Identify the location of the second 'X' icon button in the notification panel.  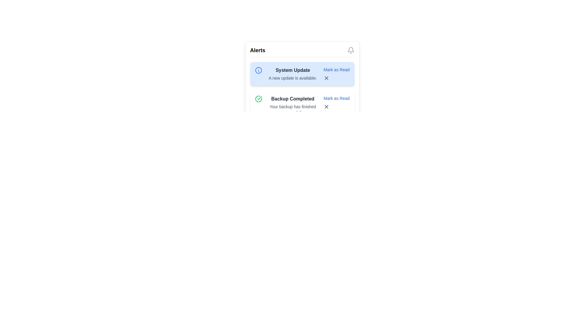
(326, 106).